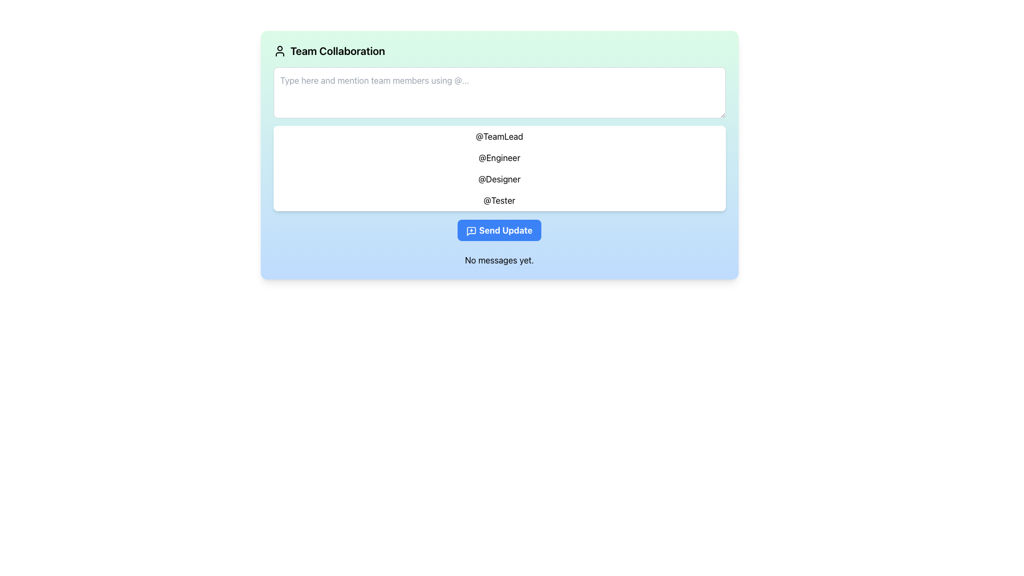  What do you see at coordinates (499, 135) in the screenshot?
I see `to select the menu item displaying '@TeamLead', which is the first entry in a vertically stacked list of options` at bounding box center [499, 135].